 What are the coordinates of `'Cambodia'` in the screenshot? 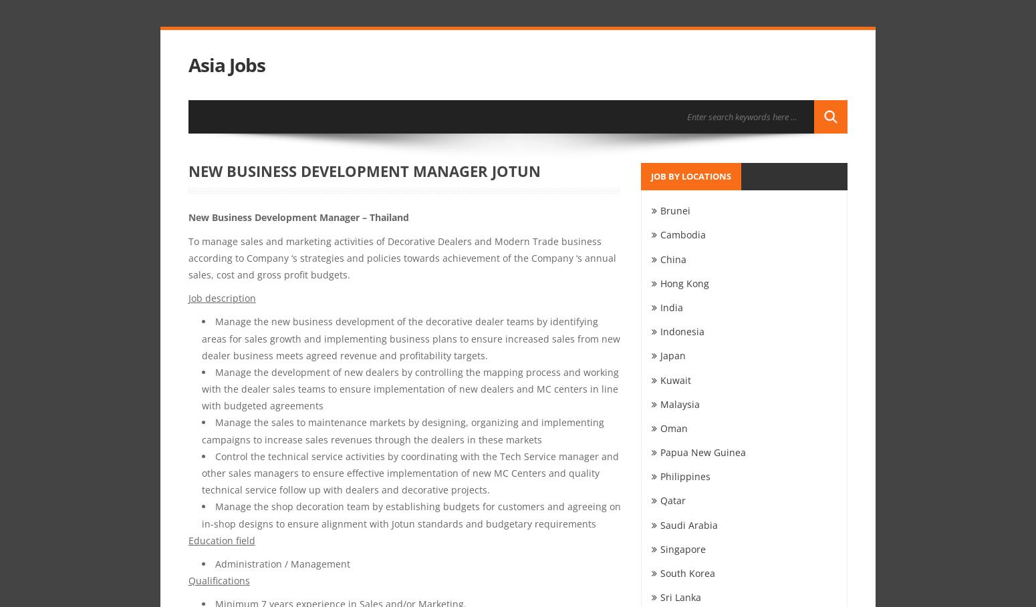 It's located at (659, 234).